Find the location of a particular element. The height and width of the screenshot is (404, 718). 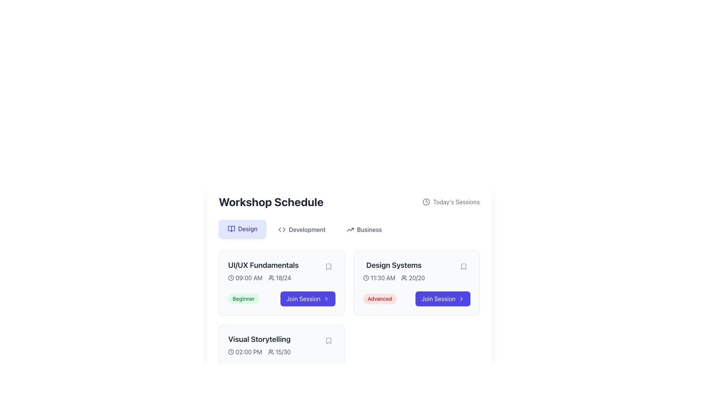

title content of the workshop card located in the Design category of the Workshop Schedule section, which serves as the primary title indicating the topic or focus of the session is located at coordinates (259, 339).